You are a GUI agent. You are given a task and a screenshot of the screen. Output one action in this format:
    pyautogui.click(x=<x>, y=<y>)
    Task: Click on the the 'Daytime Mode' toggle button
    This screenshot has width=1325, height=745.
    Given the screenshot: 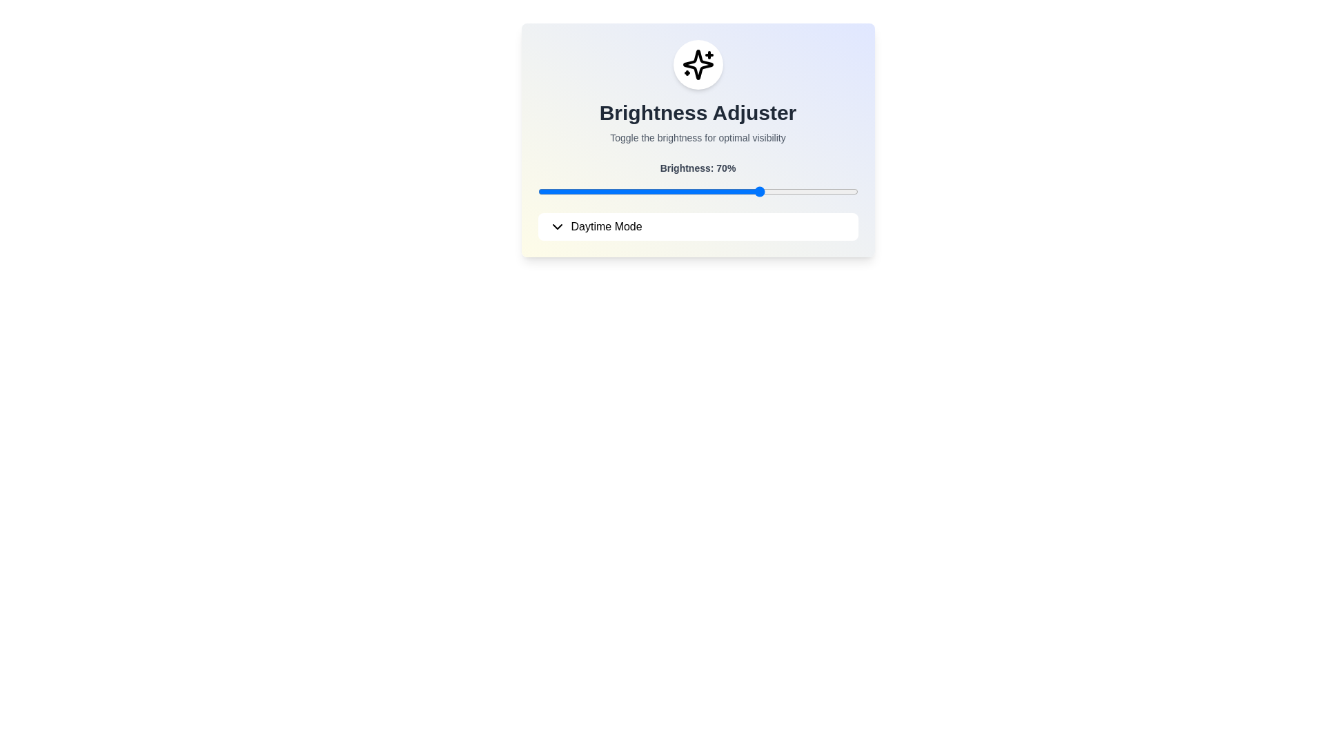 What is the action you would take?
    pyautogui.click(x=698, y=226)
    